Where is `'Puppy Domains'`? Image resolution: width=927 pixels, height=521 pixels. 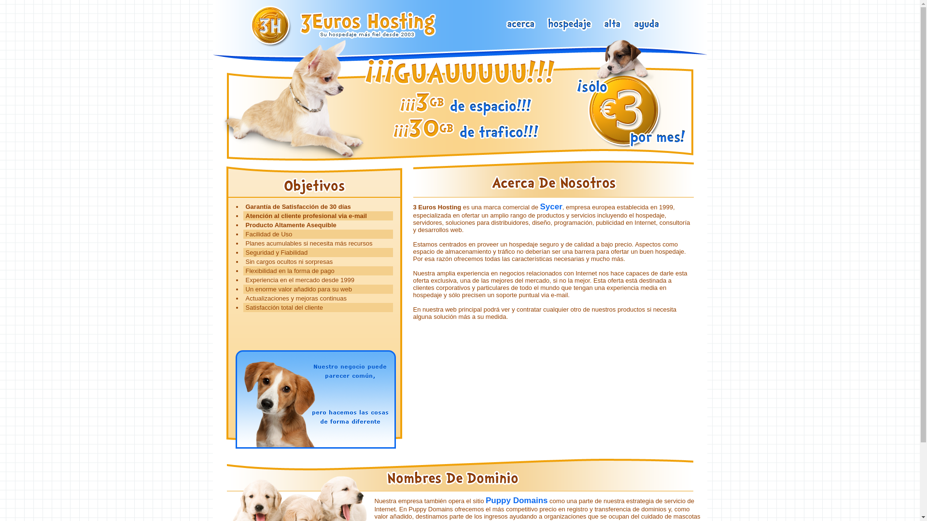 'Puppy Domains' is located at coordinates (516, 500).